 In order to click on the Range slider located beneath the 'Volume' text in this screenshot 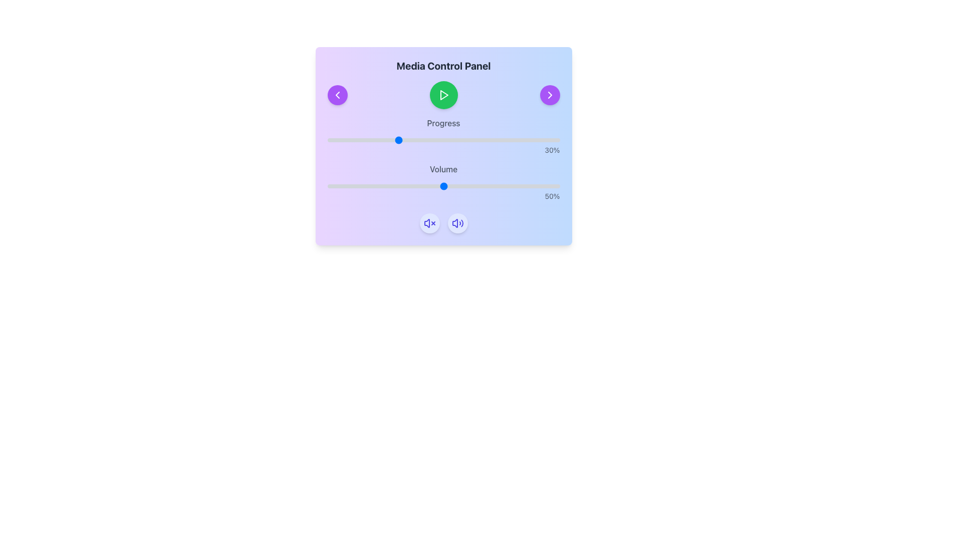, I will do `click(443, 186)`.